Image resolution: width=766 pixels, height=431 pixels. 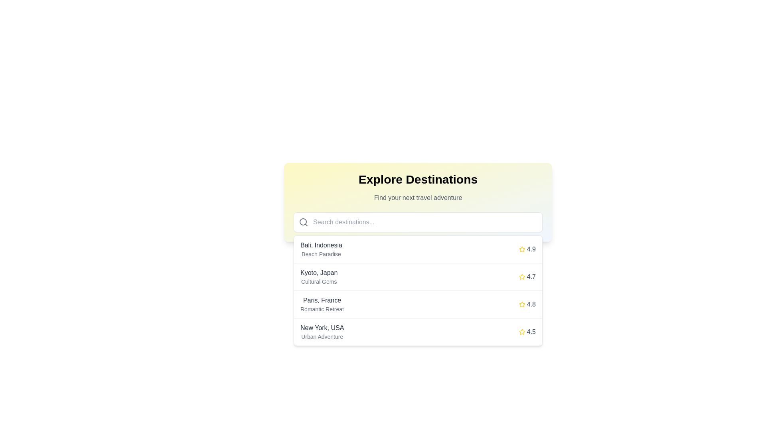 I want to click on the text block containing 'New York, USA' and 'Urban Adventure', which is the fourth item in a vertical list, so click(x=322, y=332).